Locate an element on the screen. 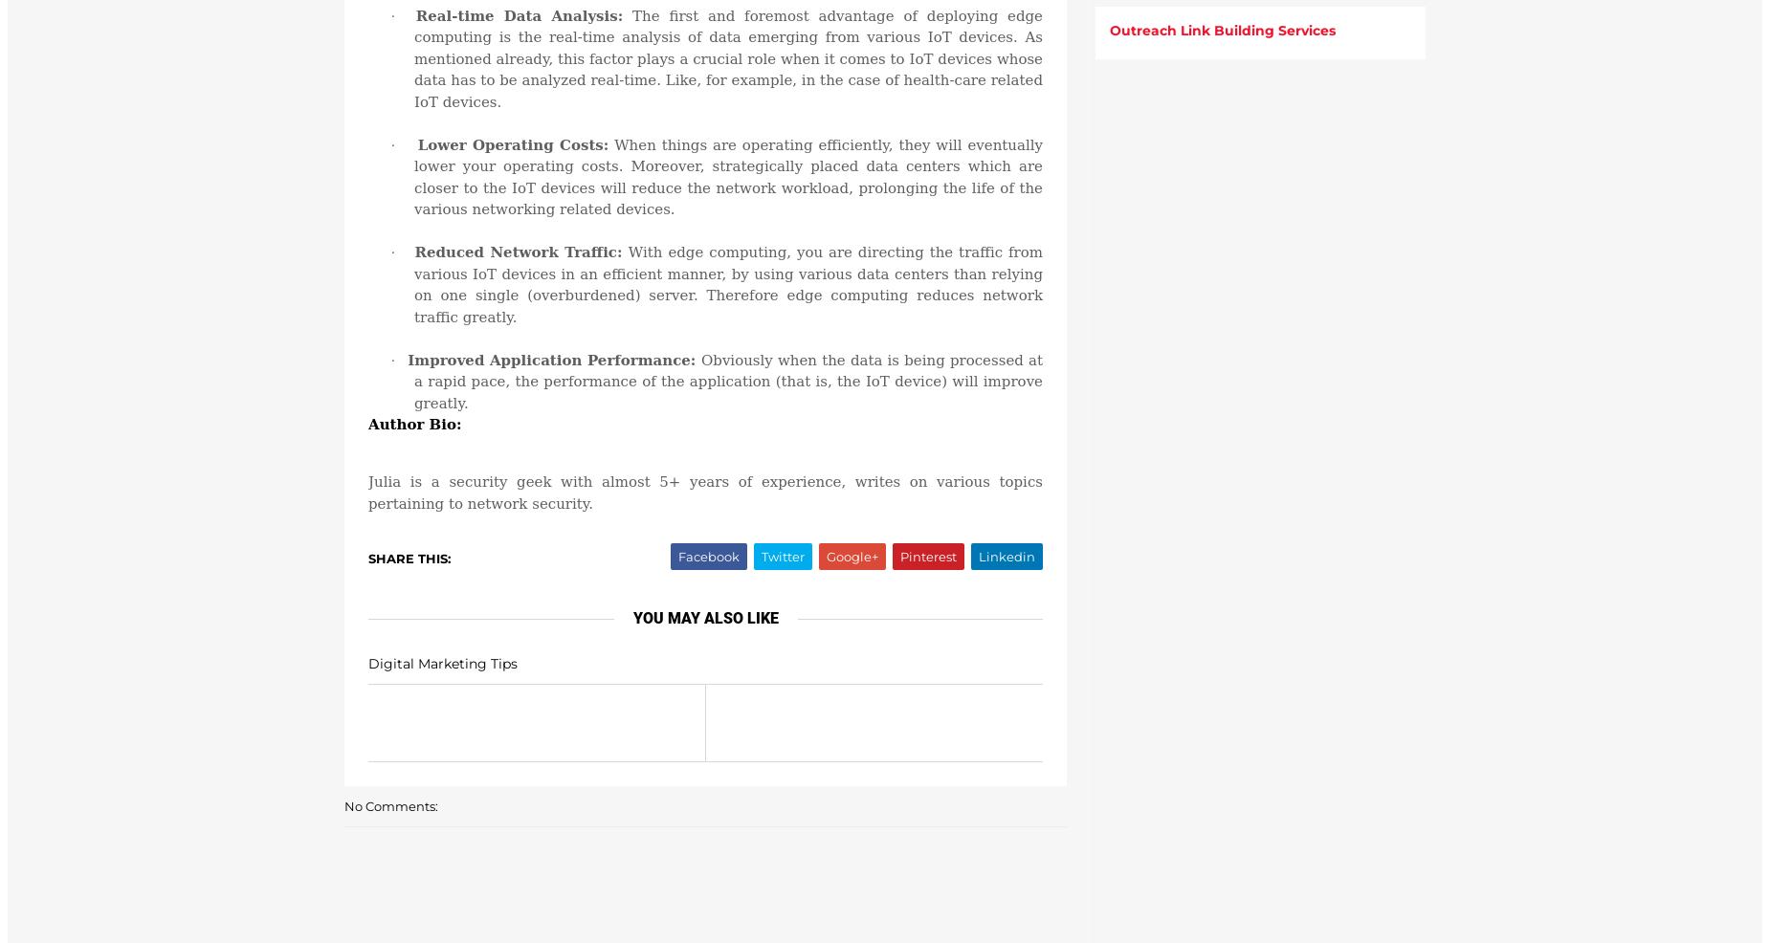 This screenshot has height=943, width=1770. 'Lower Operating Costs:' is located at coordinates (416, 143).